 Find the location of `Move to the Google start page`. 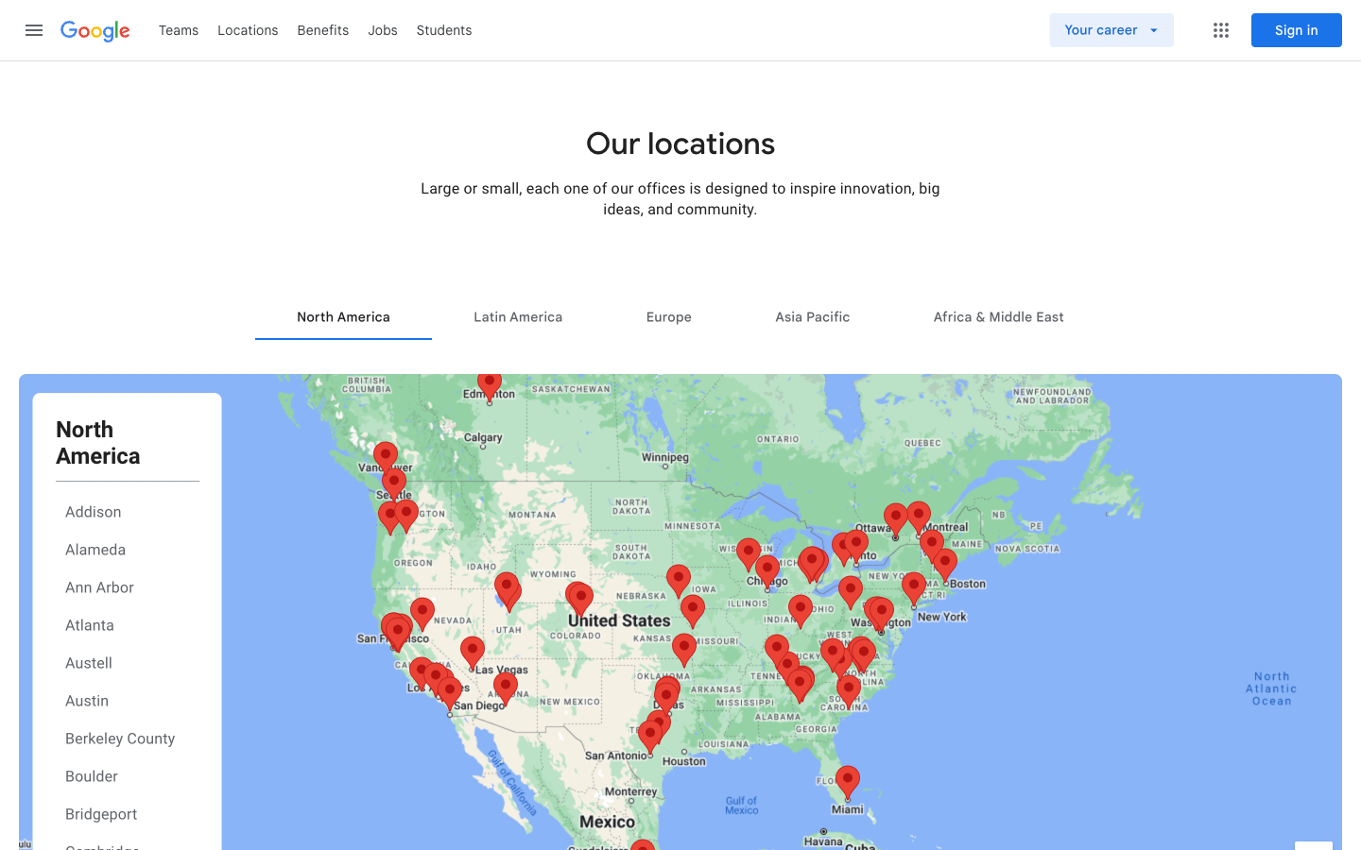

Move to the Google start page is located at coordinates (95, 31).